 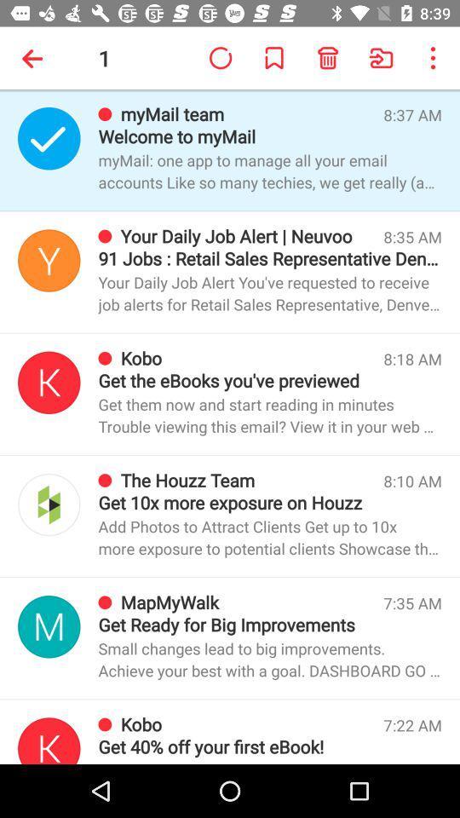 What do you see at coordinates (221, 58) in the screenshot?
I see `the item to the right of the 1 item` at bounding box center [221, 58].